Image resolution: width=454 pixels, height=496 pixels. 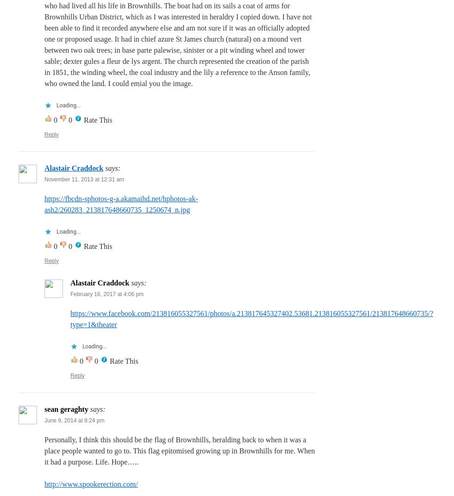 I want to click on 'http://www.spookerection.com/', so click(x=91, y=484).